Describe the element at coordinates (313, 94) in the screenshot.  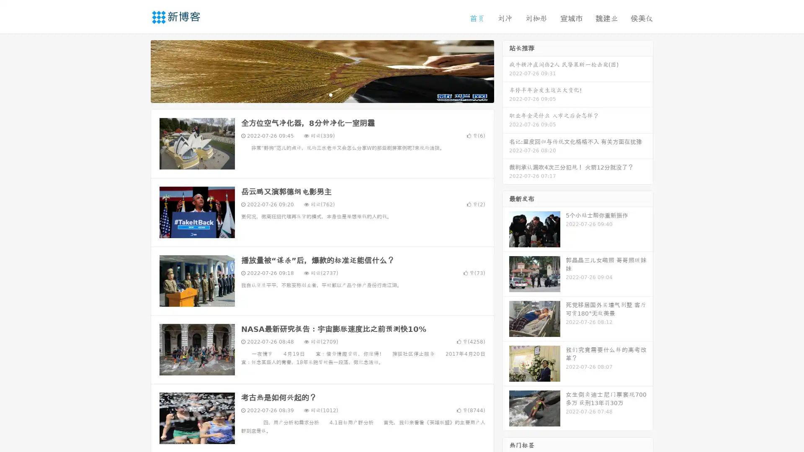
I see `Go to slide 1` at that location.